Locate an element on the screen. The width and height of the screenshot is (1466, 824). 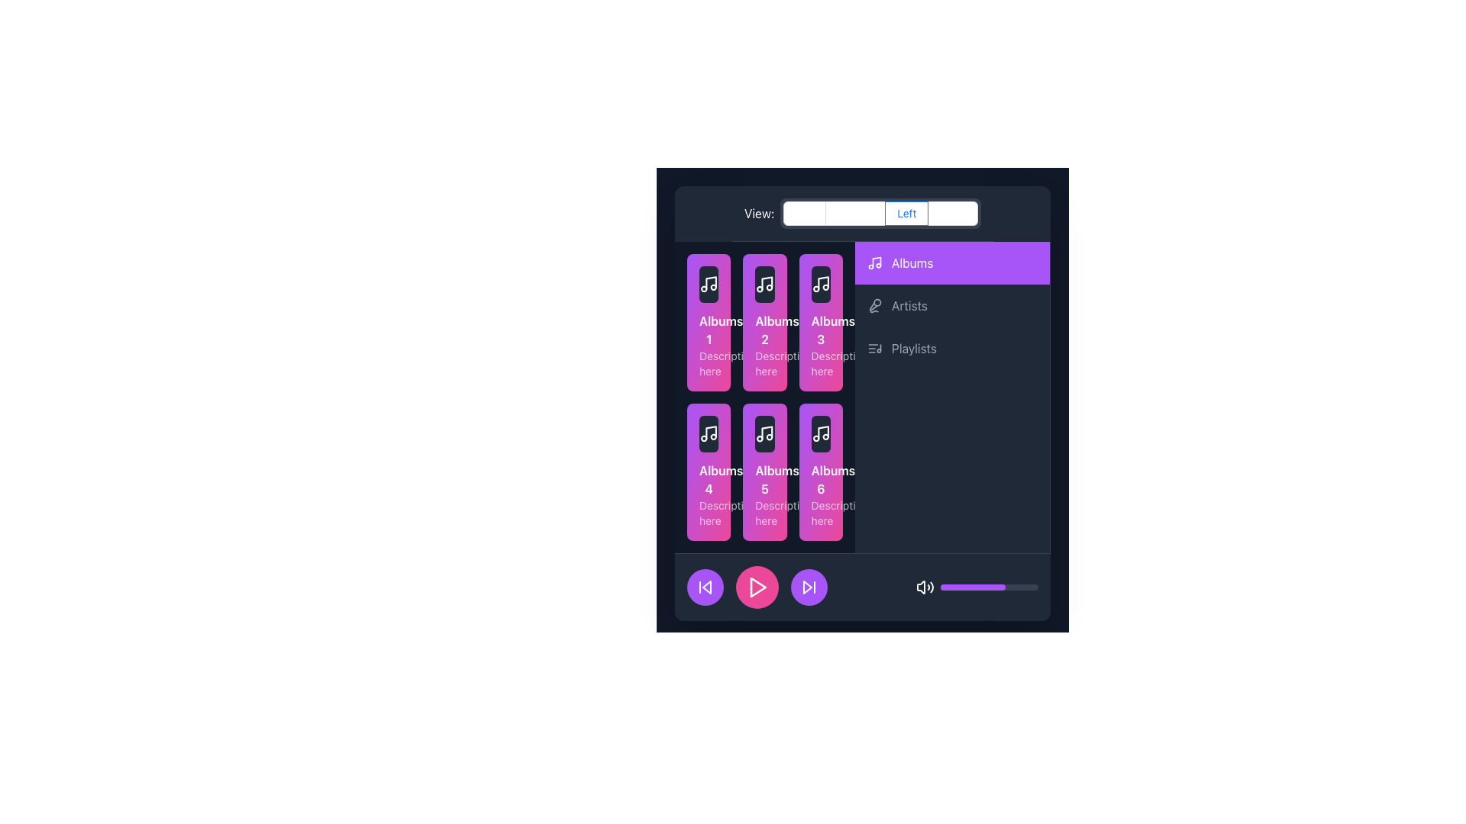
the volume control icon in the bottom control panel of the media player is located at coordinates (920, 587).